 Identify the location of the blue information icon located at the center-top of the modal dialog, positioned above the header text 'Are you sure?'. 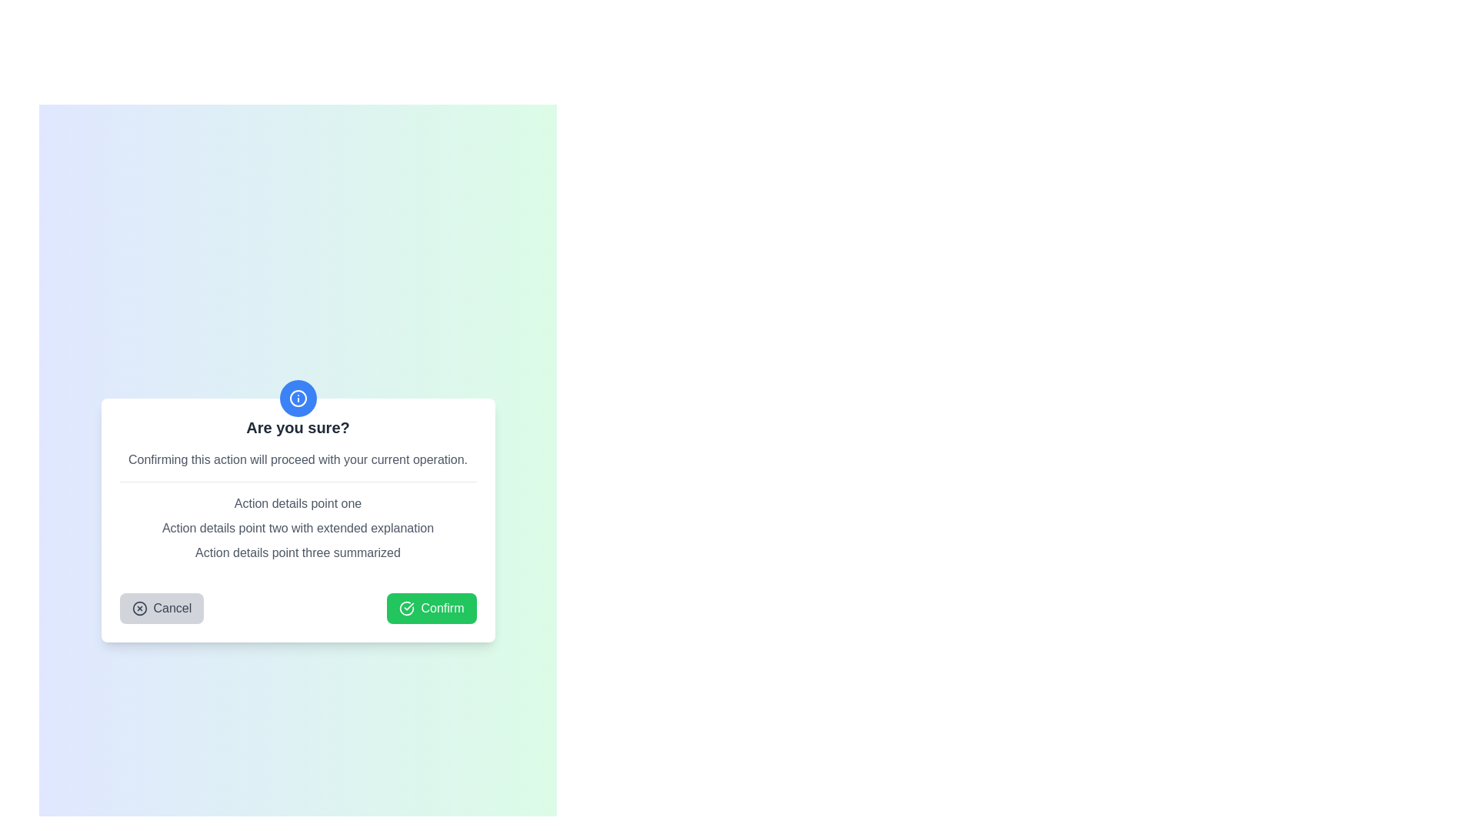
(298, 397).